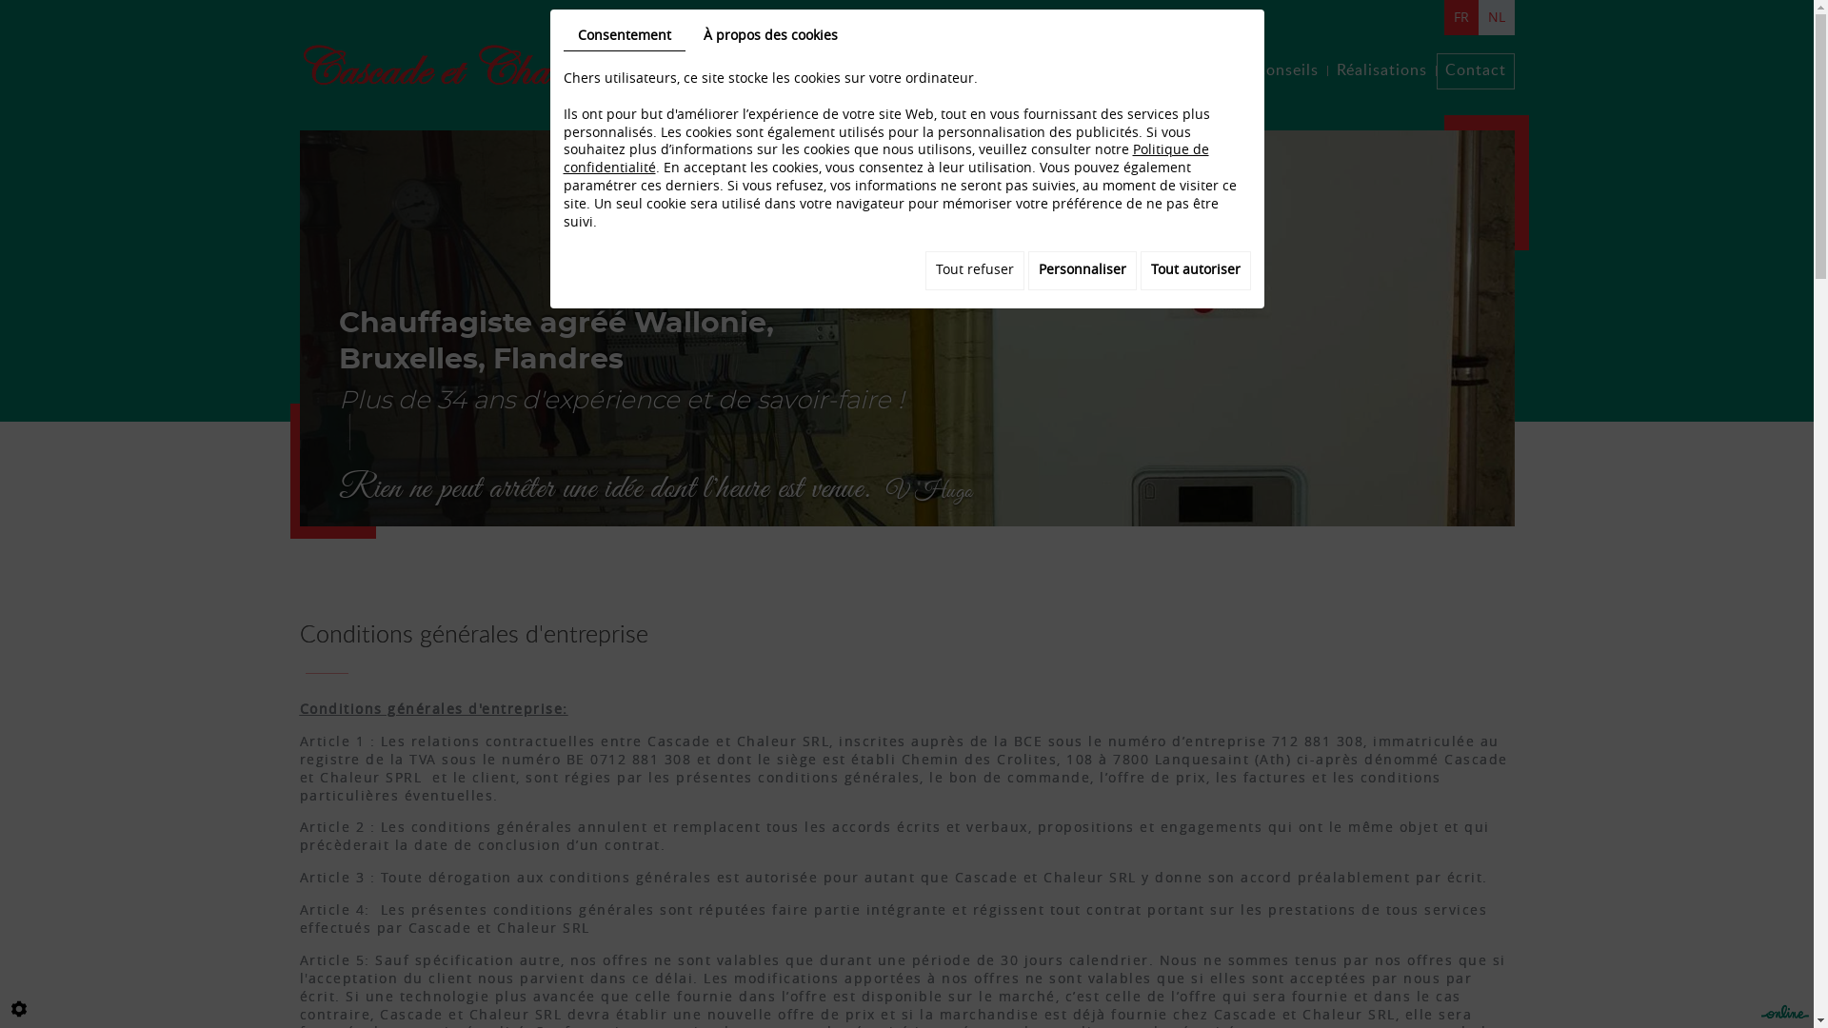 Image resolution: width=1828 pixels, height=1028 pixels. What do you see at coordinates (1195, 270) in the screenshot?
I see `'Tout autoriser'` at bounding box center [1195, 270].